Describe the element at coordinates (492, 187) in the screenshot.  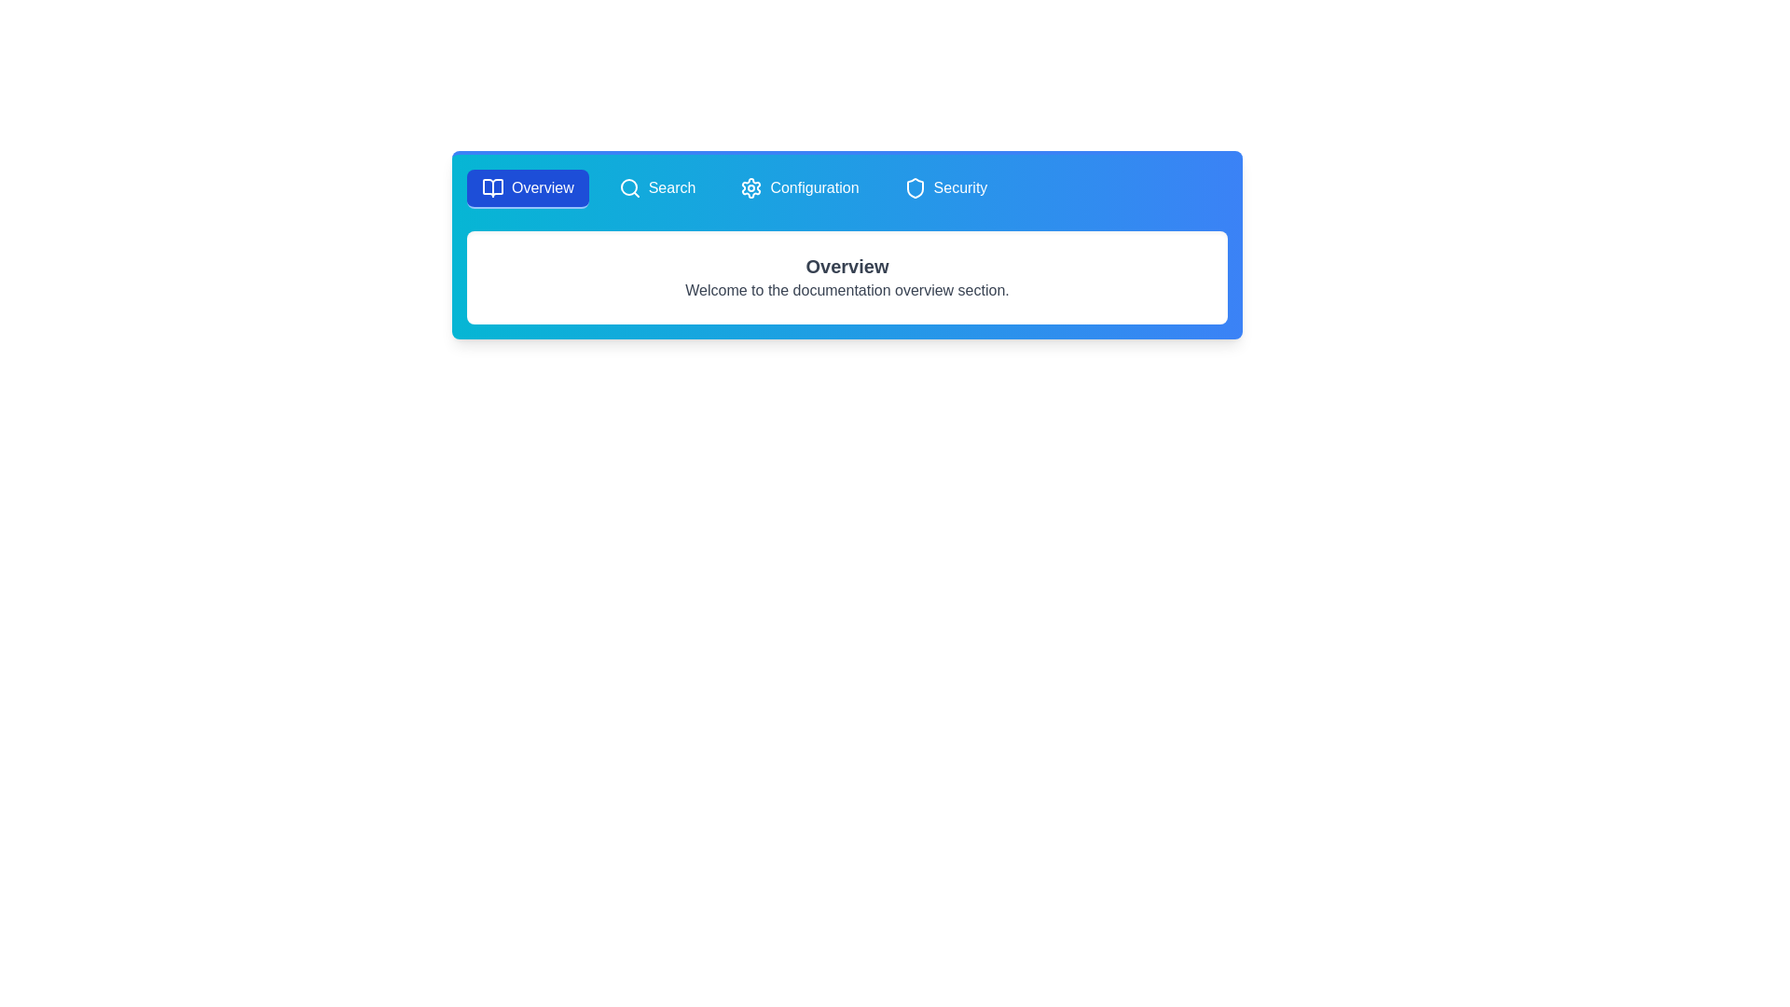
I see `the open book icon located on the left side of the 'Overview' button in the navigation bar` at that location.